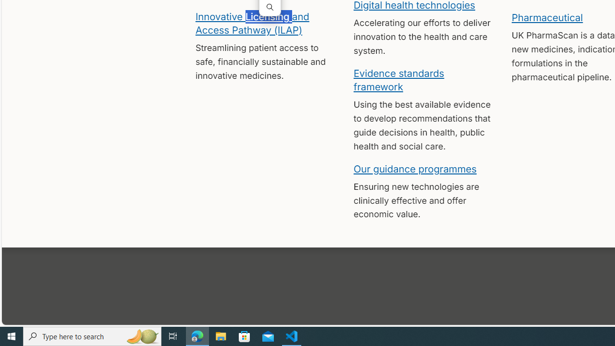 The width and height of the screenshot is (615, 346). I want to click on 'Pharmaceutical', so click(547, 17).